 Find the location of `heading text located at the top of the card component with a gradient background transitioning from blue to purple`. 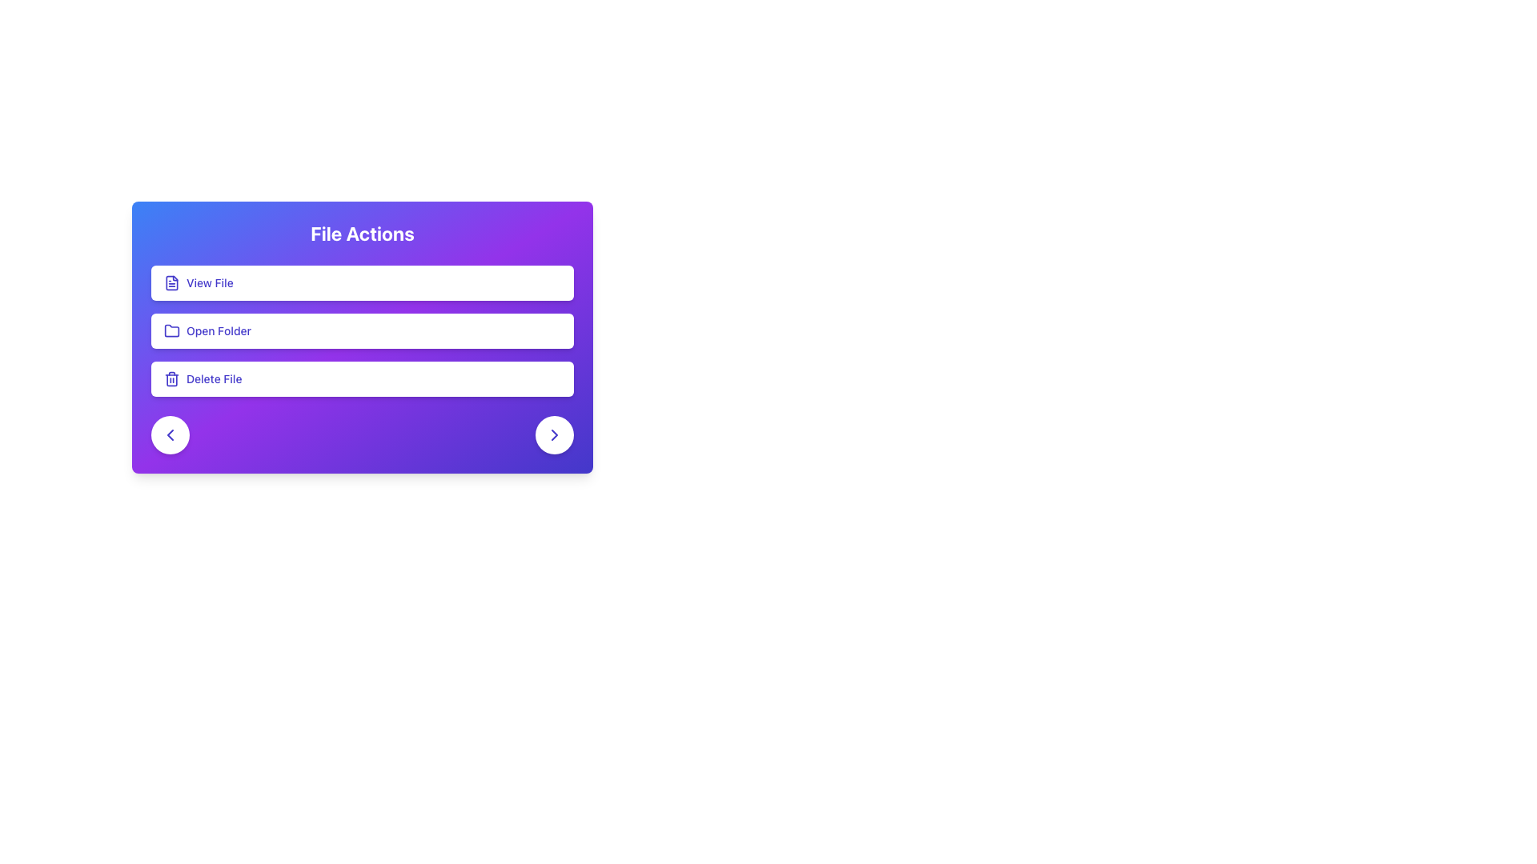

heading text located at the top of the card component with a gradient background transitioning from blue to purple is located at coordinates (361, 234).